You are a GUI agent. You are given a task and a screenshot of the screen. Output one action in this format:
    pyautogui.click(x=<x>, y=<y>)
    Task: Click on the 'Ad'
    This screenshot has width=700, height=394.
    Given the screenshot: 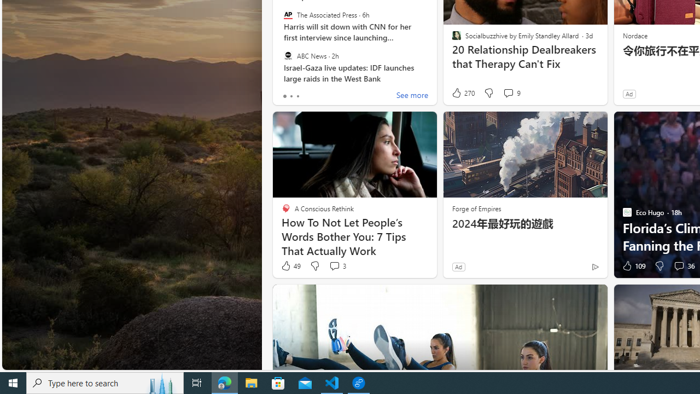 What is the action you would take?
    pyautogui.click(x=458, y=266)
    